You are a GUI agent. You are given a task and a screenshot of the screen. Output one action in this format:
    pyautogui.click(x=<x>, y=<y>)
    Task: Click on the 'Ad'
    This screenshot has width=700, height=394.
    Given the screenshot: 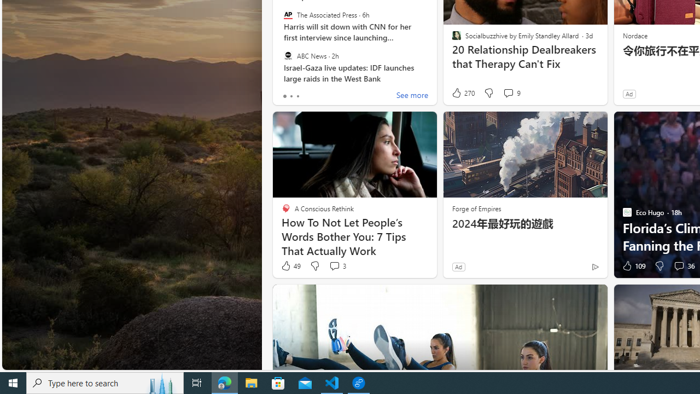 What is the action you would take?
    pyautogui.click(x=458, y=266)
    